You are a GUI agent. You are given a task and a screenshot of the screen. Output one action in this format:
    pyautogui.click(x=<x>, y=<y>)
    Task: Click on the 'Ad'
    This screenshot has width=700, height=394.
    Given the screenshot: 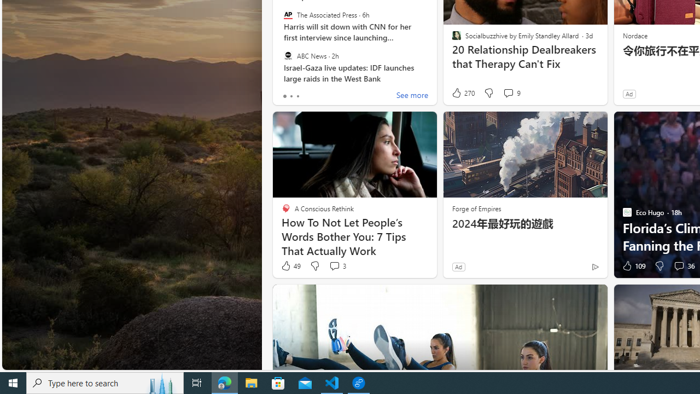 What is the action you would take?
    pyautogui.click(x=458, y=266)
    